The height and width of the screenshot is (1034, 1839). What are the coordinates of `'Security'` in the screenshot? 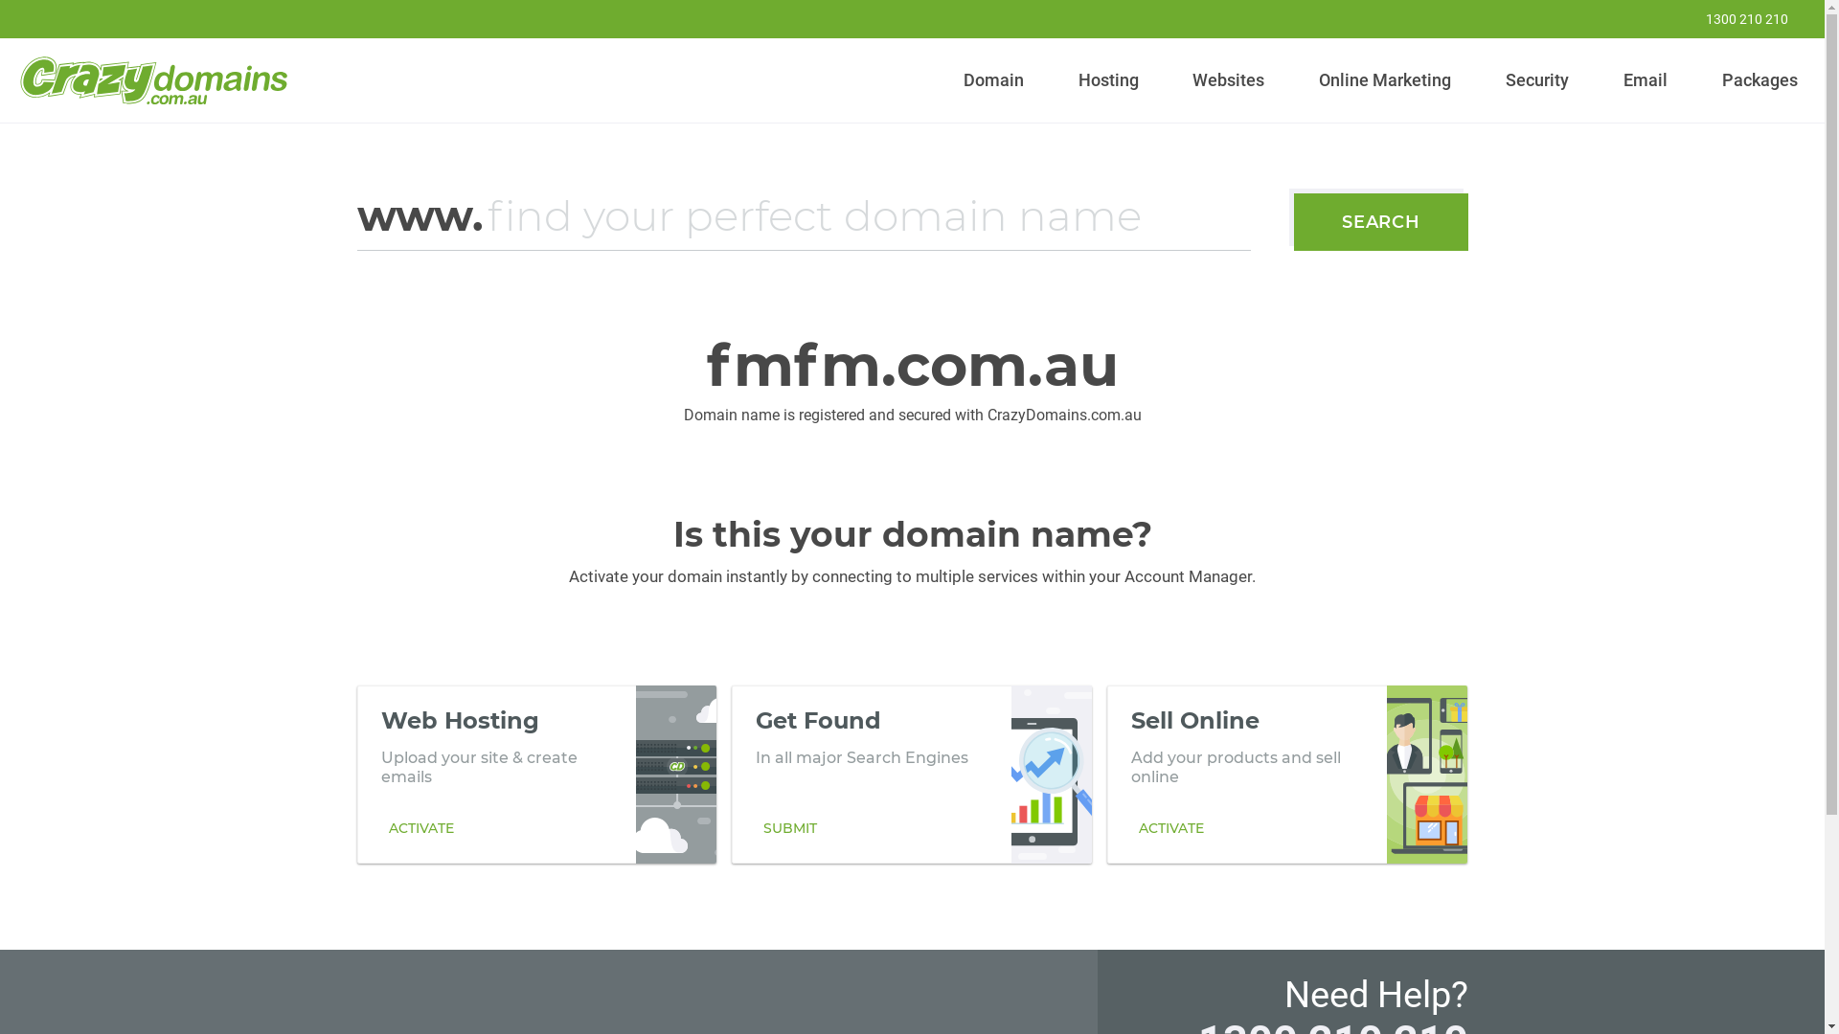 It's located at (1537, 79).